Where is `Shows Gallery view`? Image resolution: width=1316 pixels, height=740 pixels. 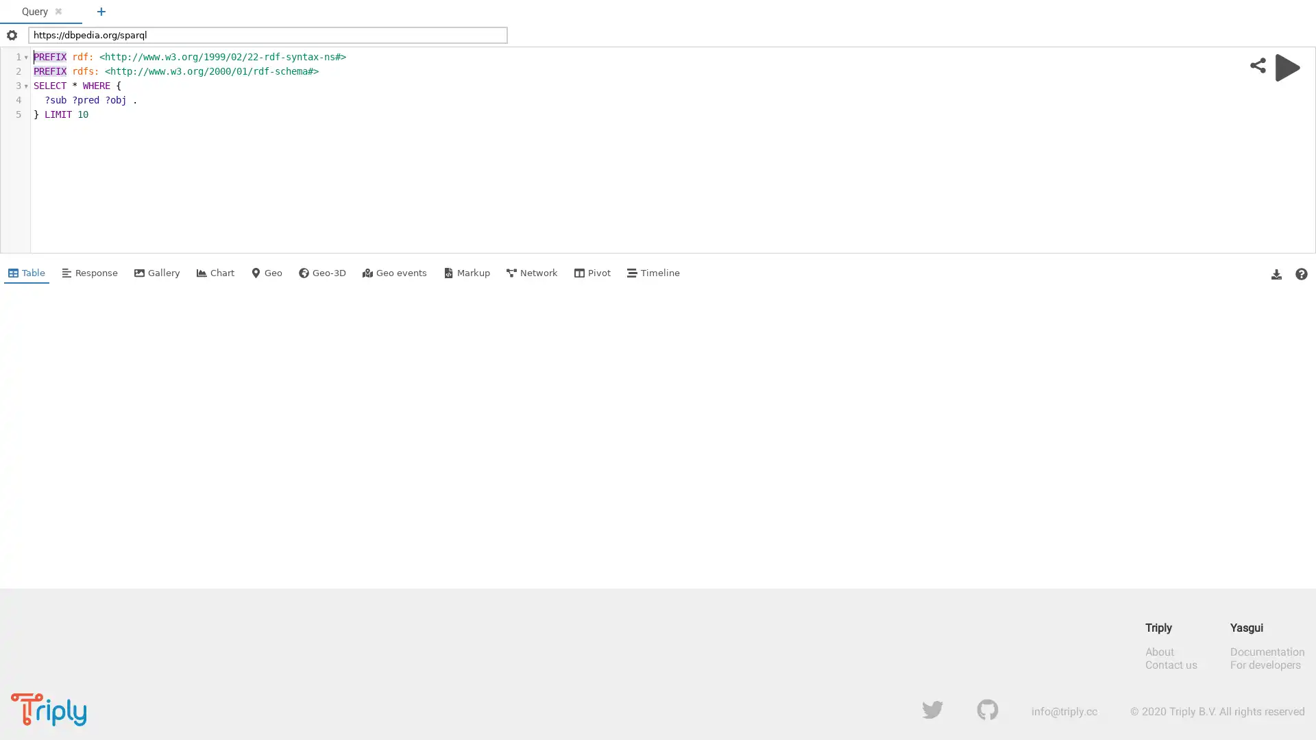
Shows Gallery view is located at coordinates (157, 273).